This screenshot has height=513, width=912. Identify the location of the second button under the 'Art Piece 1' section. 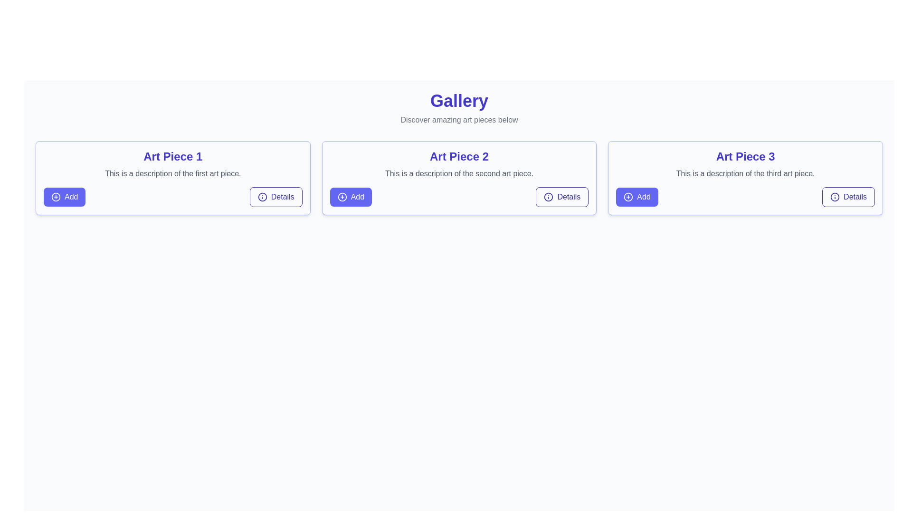
(275, 197).